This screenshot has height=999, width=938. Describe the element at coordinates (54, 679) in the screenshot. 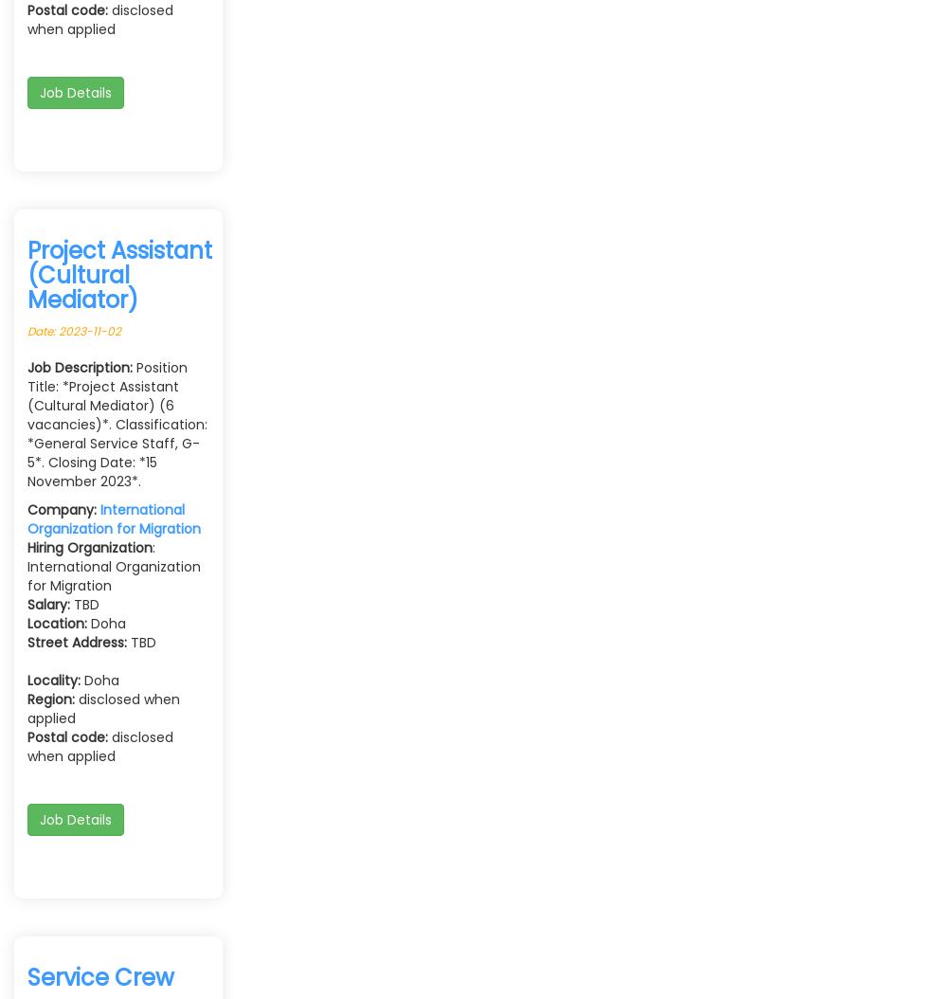

I see `'Locality:'` at that location.